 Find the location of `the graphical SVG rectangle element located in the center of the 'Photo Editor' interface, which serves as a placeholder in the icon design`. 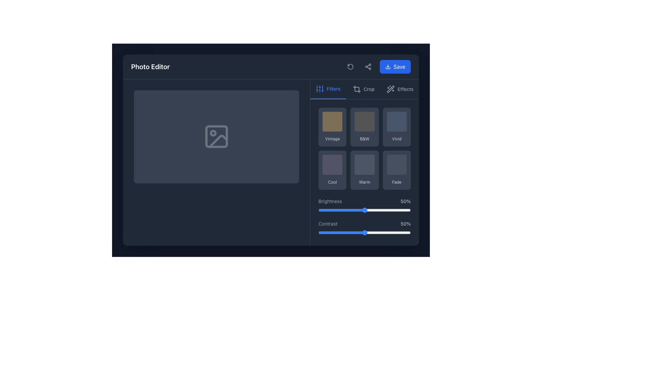

the graphical SVG rectangle element located in the center of the 'Photo Editor' interface, which serves as a placeholder in the icon design is located at coordinates (216, 137).